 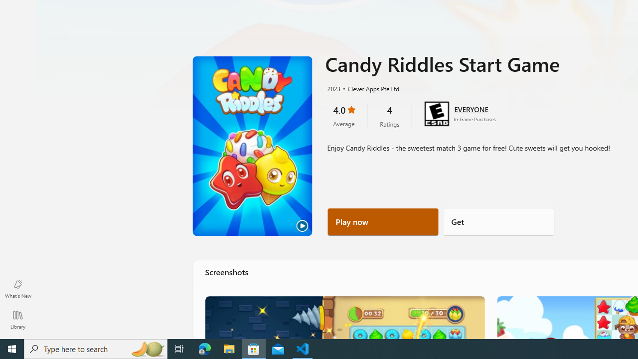 What do you see at coordinates (369, 88) in the screenshot?
I see `'Clever Apps Pte Ltd'` at bounding box center [369, 88].